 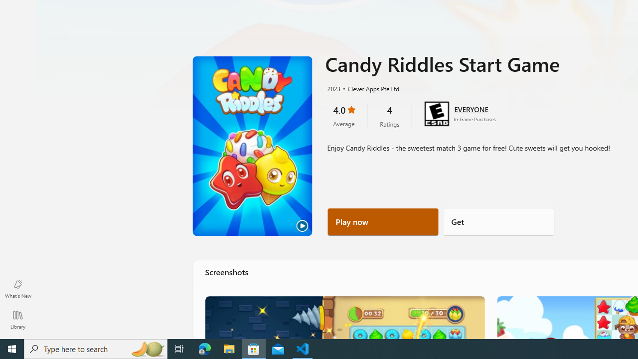 What do you see at coordinates (369, 88) in the screenshot?
I see `'Clever Apps Pte Ltd'` at bounding box center [369, 88].